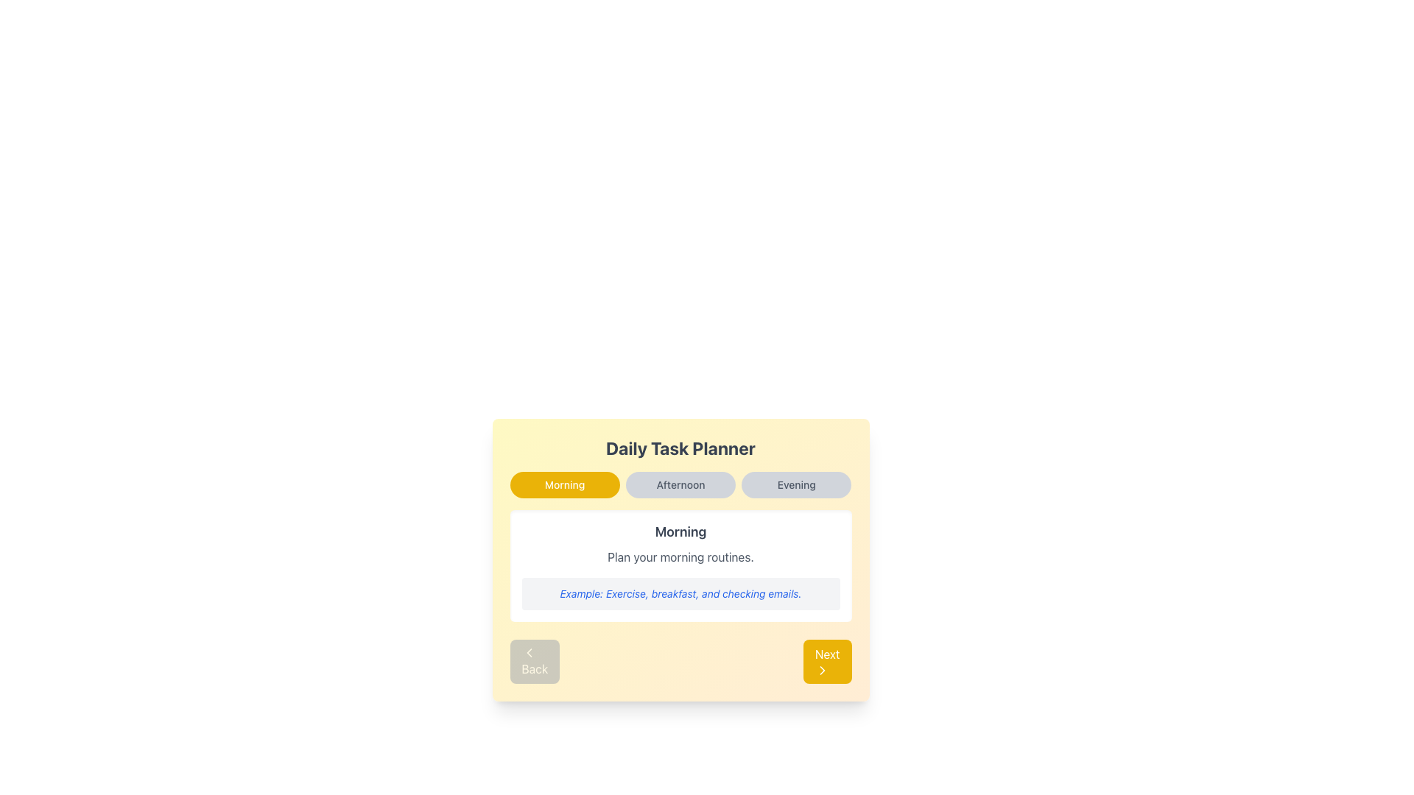  Describe the element at coordinates (680, 485) in the screenshot. I see `the rectangular button with rounded edges labeled 'Afternoon' located in the middle of the three-button group under the 'Daily Task Planner' header` at that location.